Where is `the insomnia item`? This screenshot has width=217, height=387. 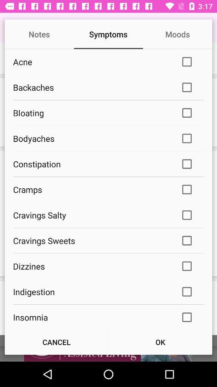 the insomnia item is located at coordinates (91, 317).